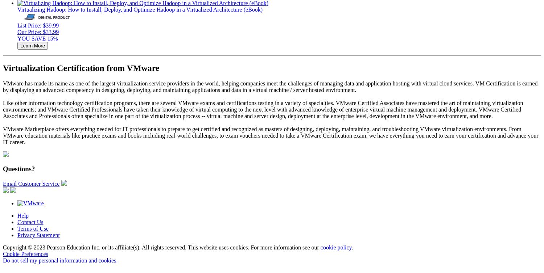  What do you see at coordinates (3, 260) in the screenshot?
I see `'Do not sell my personal information and cookies.'` at bounding box center [3, 260].